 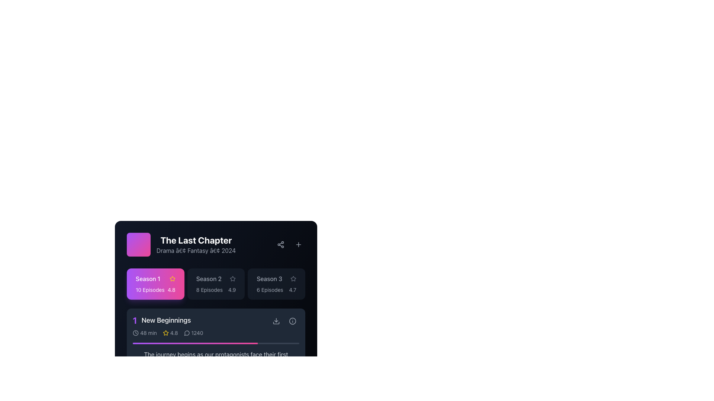 I want to click on the yellow star icon to rate or unrate 'Season 1', so click(x=165, y=332).